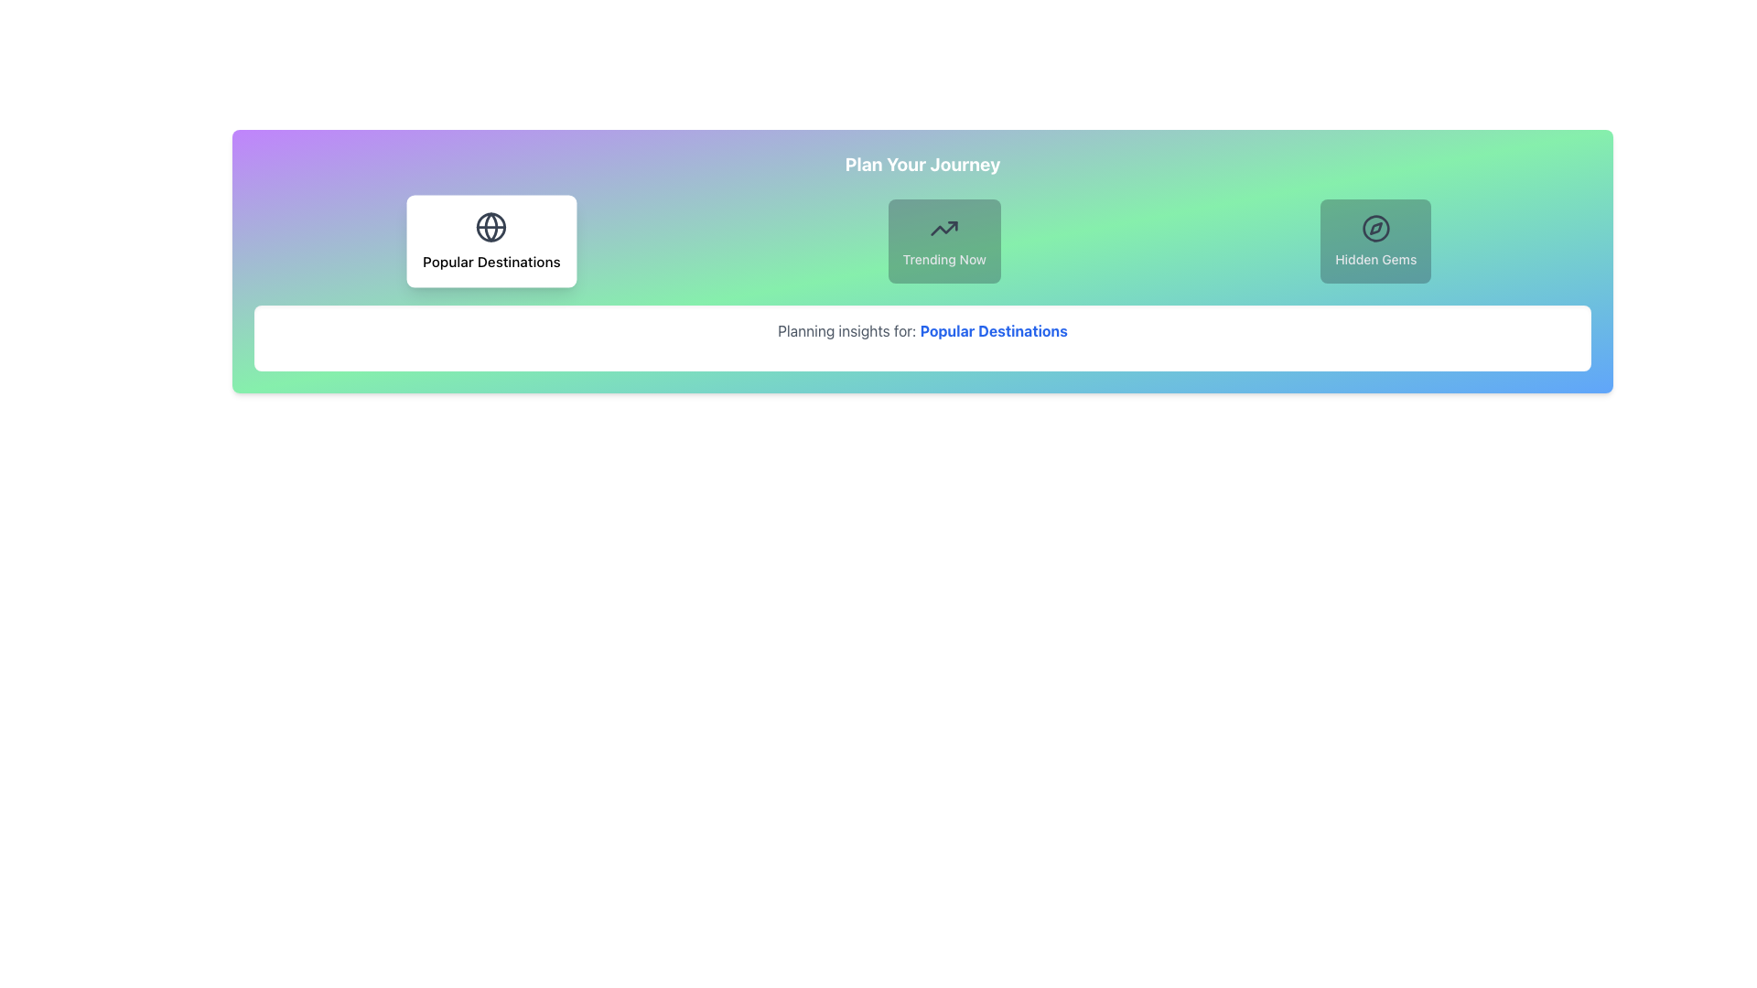 Image resolution: width=1757 pixels, height=988 pixels. What do you see at coordinates (944, 228) in the screenshot?
I see `the upwards-trending chart icon located in the green rectangular section labeled 'Trending Now', which is the second option in a three-option layout` at bounding box center [944, 228].